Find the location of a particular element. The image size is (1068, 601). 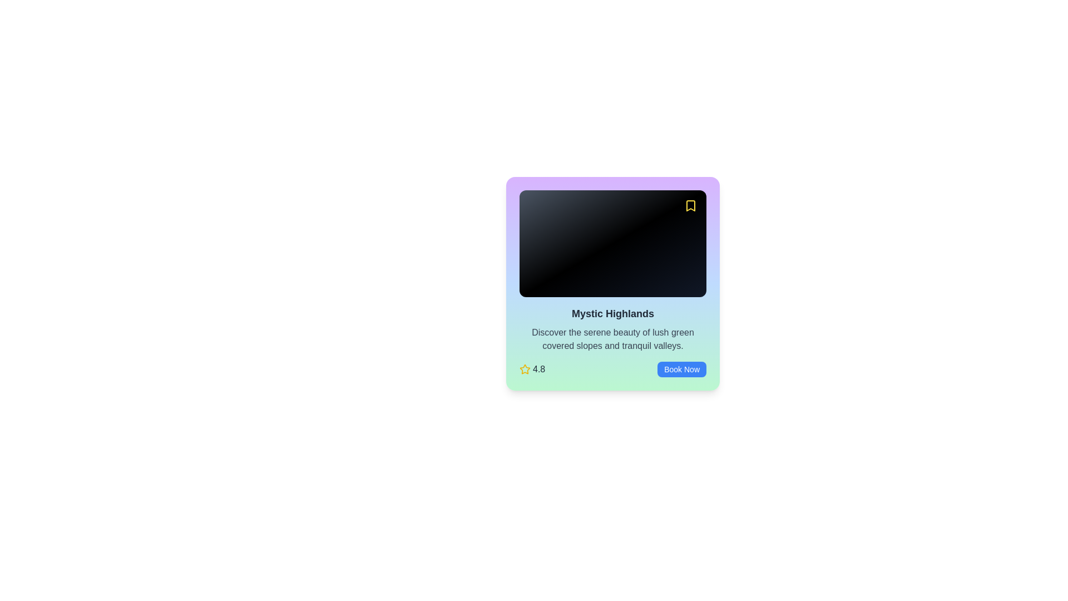

the informational text block describing the serene beauty of 'Mystic Highlands', located below the title and above the rating section is located at coordinates (612, 338).